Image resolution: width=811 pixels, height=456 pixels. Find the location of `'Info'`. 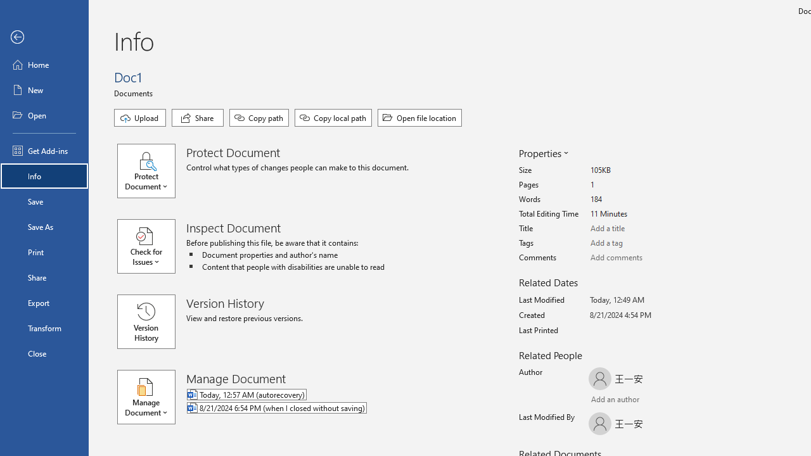

'Info' is located at coordinates (44, 175).